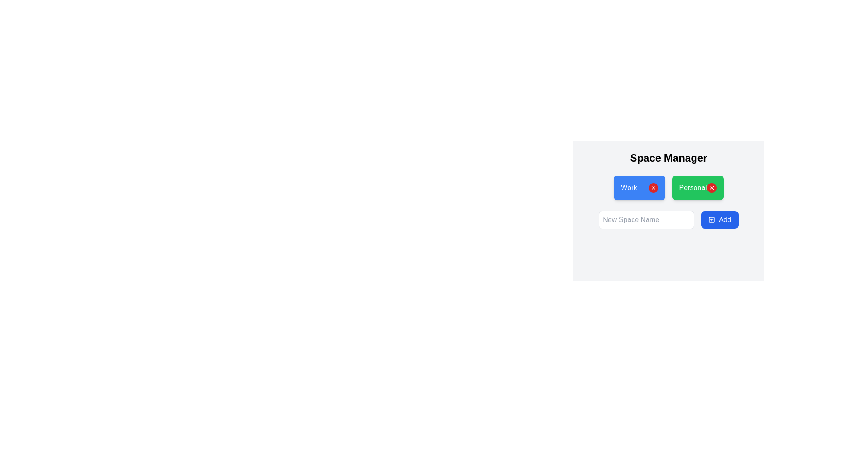 The image size is (841, 473). Describe the element at coordinates (693, 187) in the screenshot. I see `the text label displaying 'Personal', which is styled in white text on a green background and is part of a button-like group` at that location.